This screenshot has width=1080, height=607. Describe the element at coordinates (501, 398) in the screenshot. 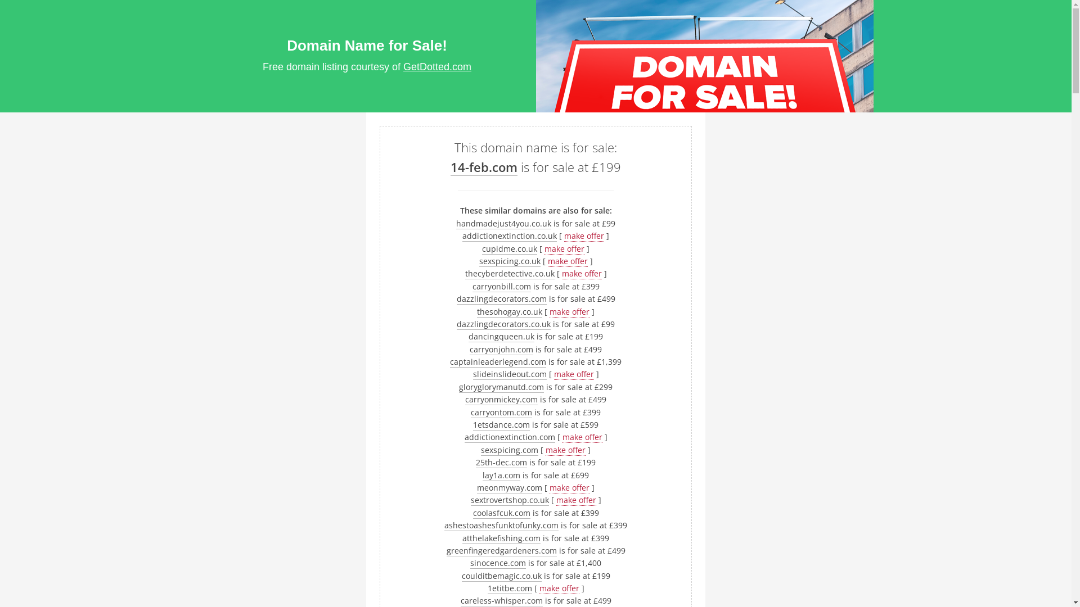

I see `'carryonmickey.com'` at that location.